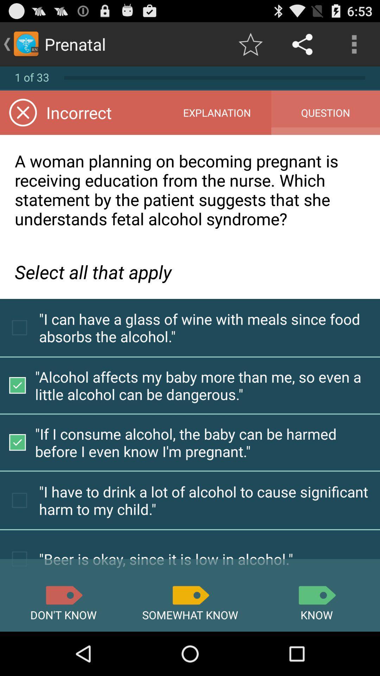 The height and width of the screenshot is (676, 380). Describe the element at coordinates (216, 113) in the screenshot. I see `icon next to question icon` at that location.